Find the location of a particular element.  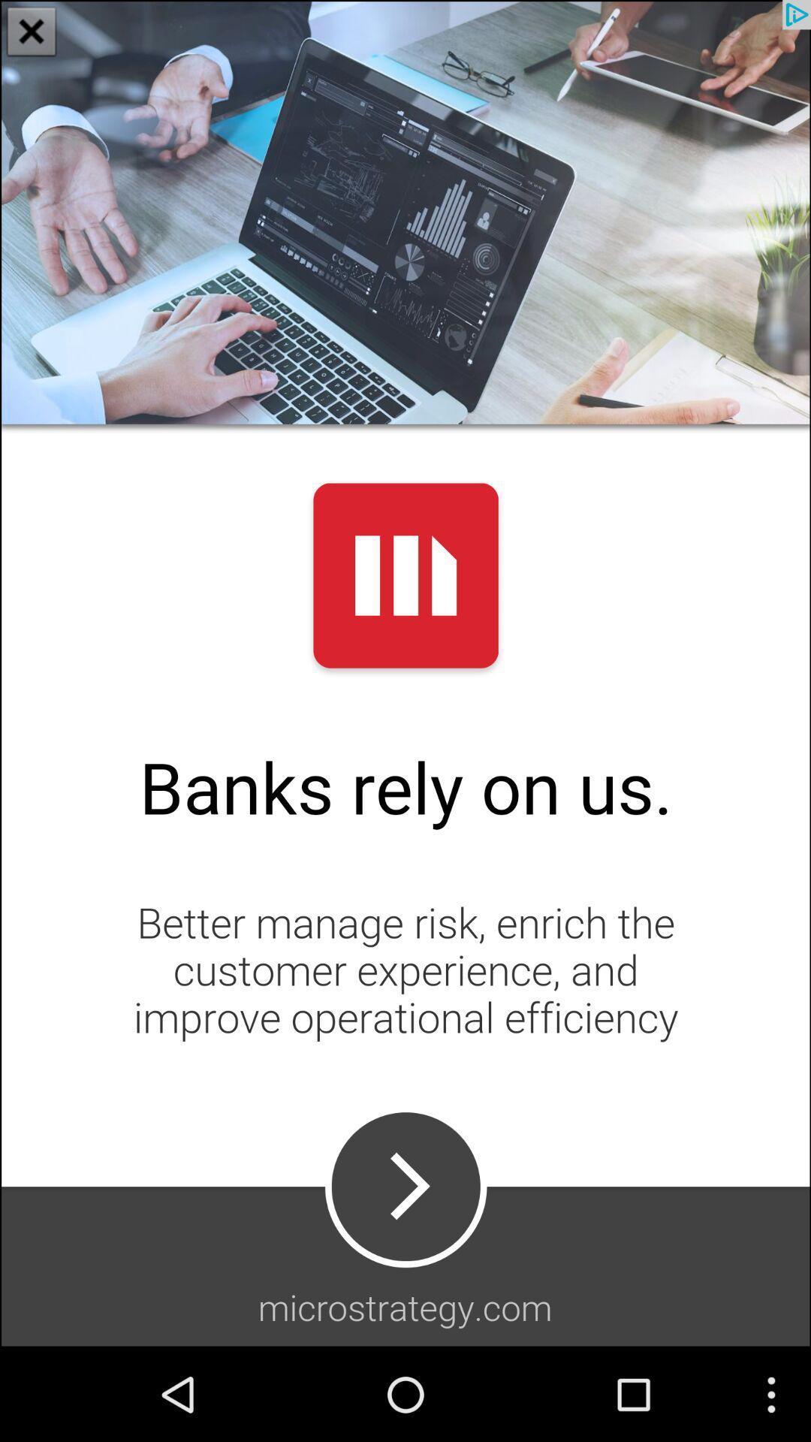

the close icon is located at coordinates (32, 33).